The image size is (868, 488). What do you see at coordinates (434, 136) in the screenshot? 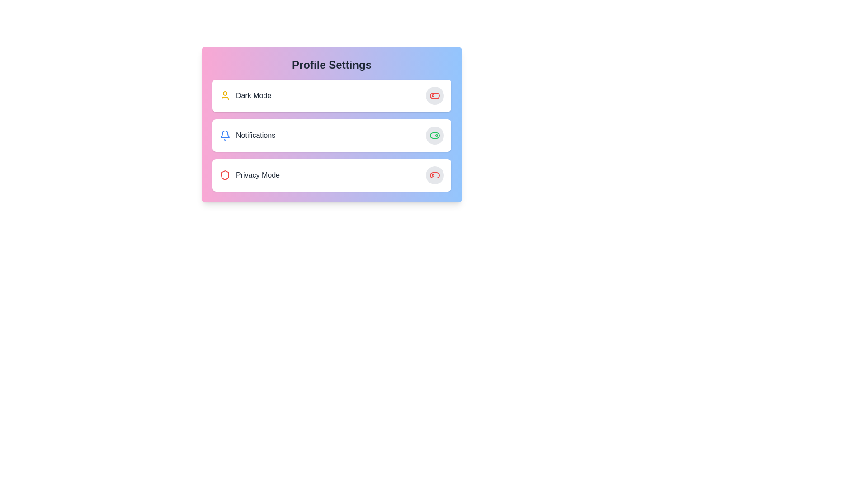
I see `the second toggle switch in the 'Notifications' row of the profile settings interface` at bounding box center [434, 136].